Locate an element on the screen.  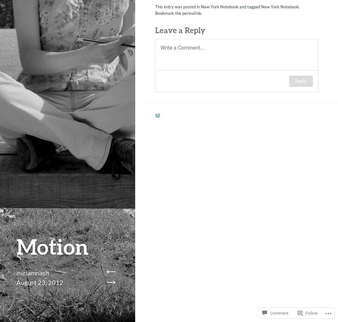
'permalink' is located at coordinates (191, 12).